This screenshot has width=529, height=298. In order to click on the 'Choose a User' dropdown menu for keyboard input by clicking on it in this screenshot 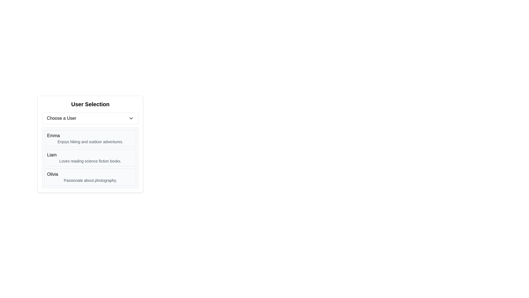, I will do `click(90, 118)`.